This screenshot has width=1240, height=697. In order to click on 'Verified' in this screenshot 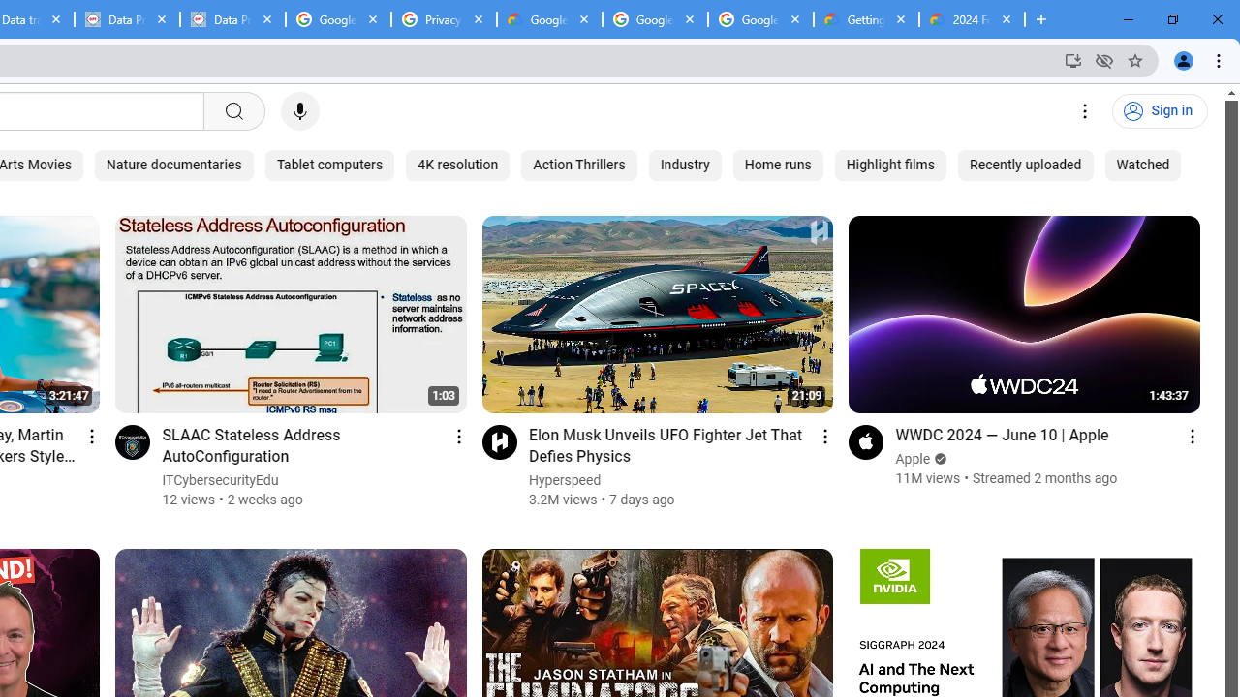, I will do `click(939, 459)`.